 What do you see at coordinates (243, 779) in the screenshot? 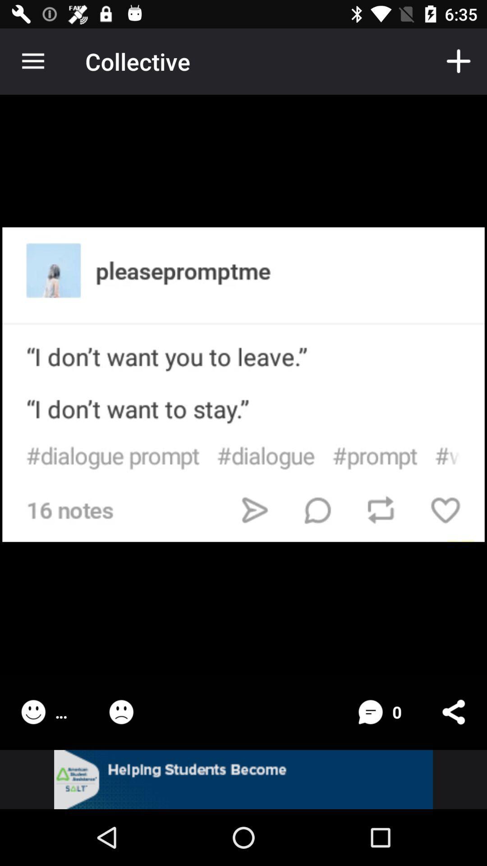
I see `advertisement bar` at bounding box center [243, 779].